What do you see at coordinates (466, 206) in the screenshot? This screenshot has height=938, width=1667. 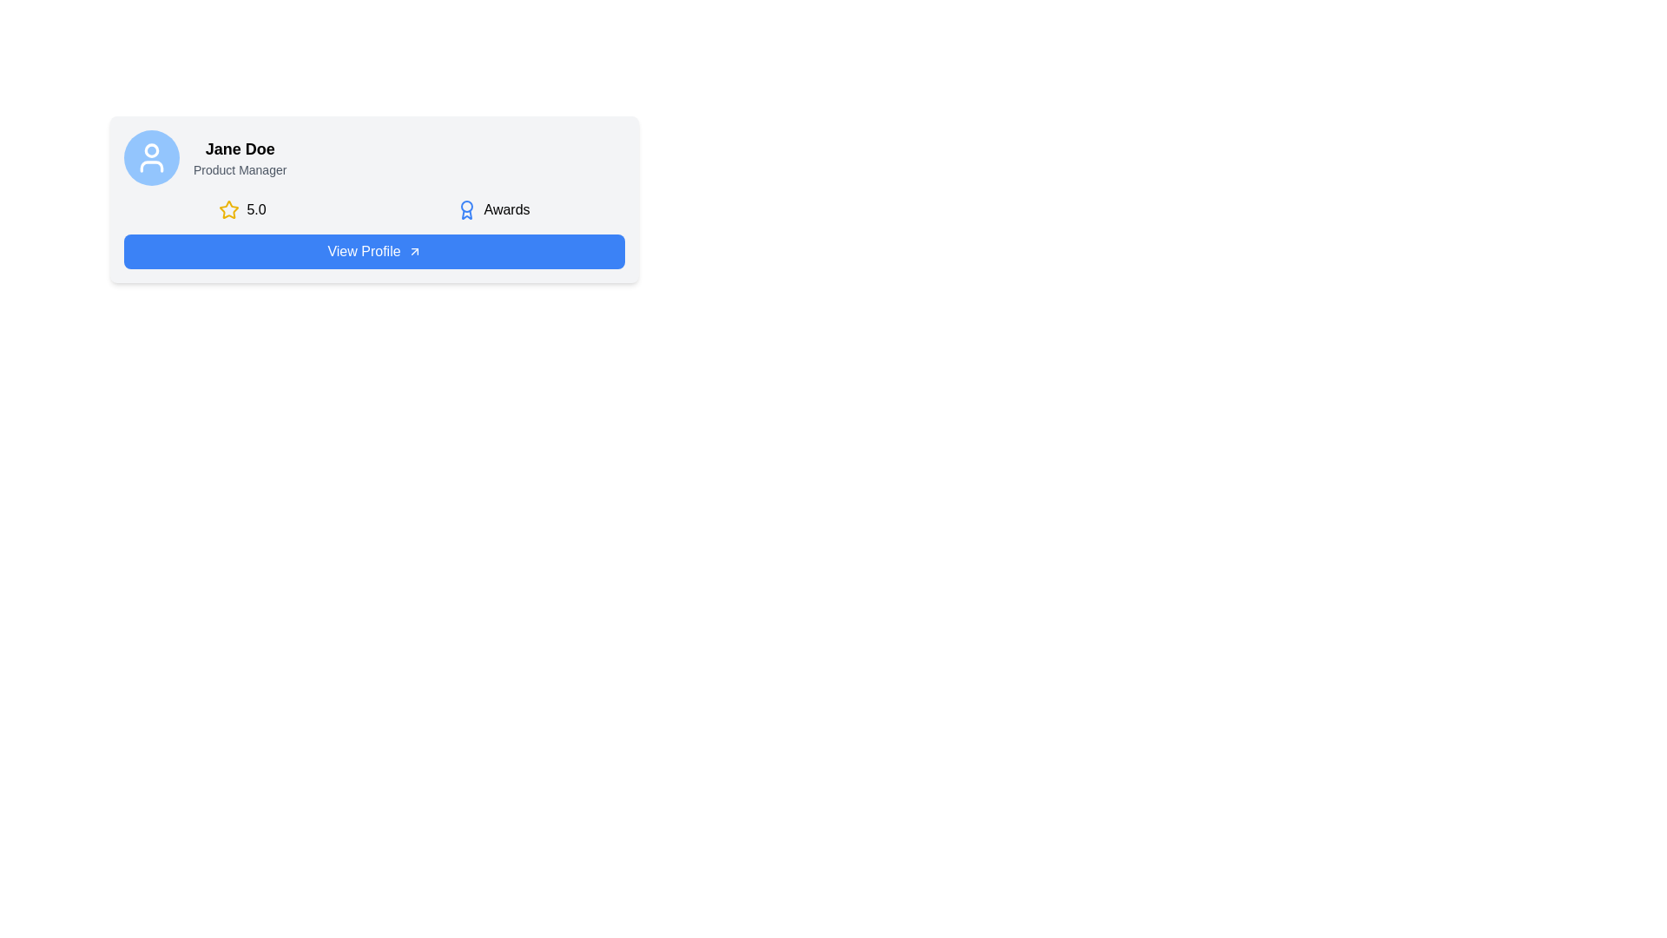 I see `the blue circular SVG element within the award badge icon, located to the right of the rating indicator and above the 'View Profile' button` at bounding box center [466, 206].